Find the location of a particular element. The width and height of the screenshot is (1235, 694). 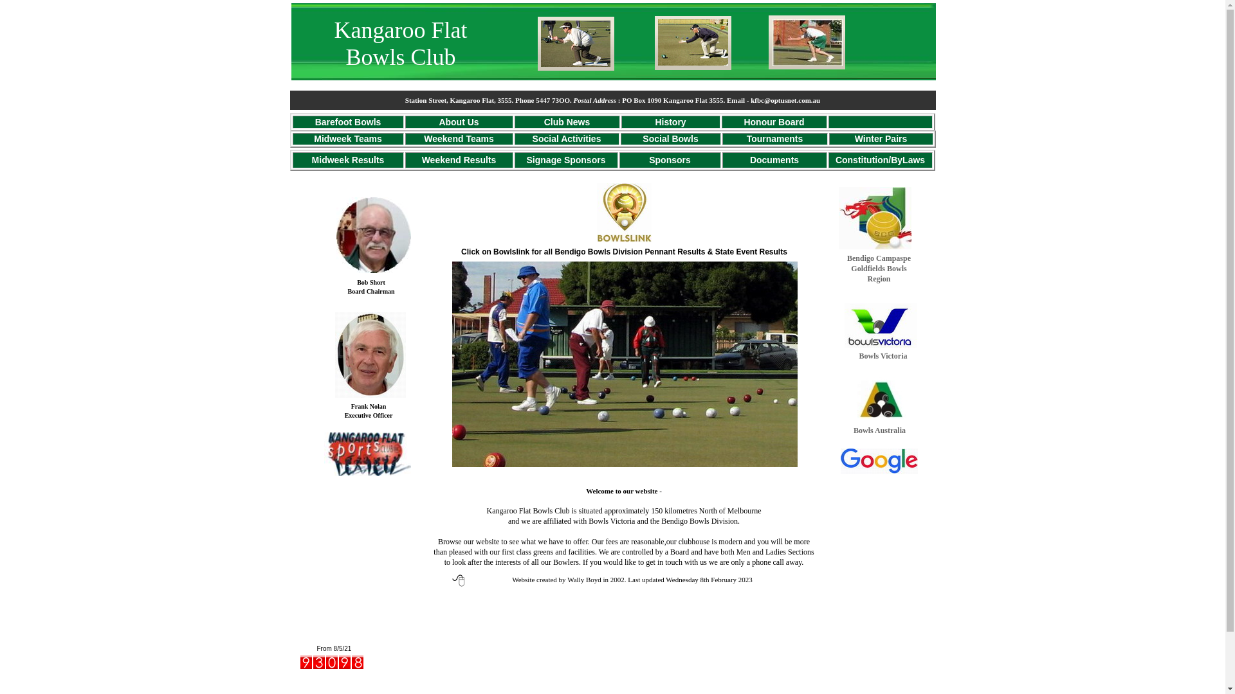

'Sponsors' is located at coordinates (648, 159).